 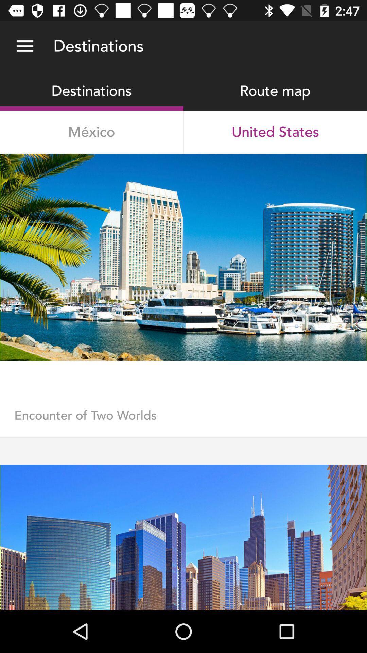 I want to click on the encounter of two item, so click(x=183, y=422).